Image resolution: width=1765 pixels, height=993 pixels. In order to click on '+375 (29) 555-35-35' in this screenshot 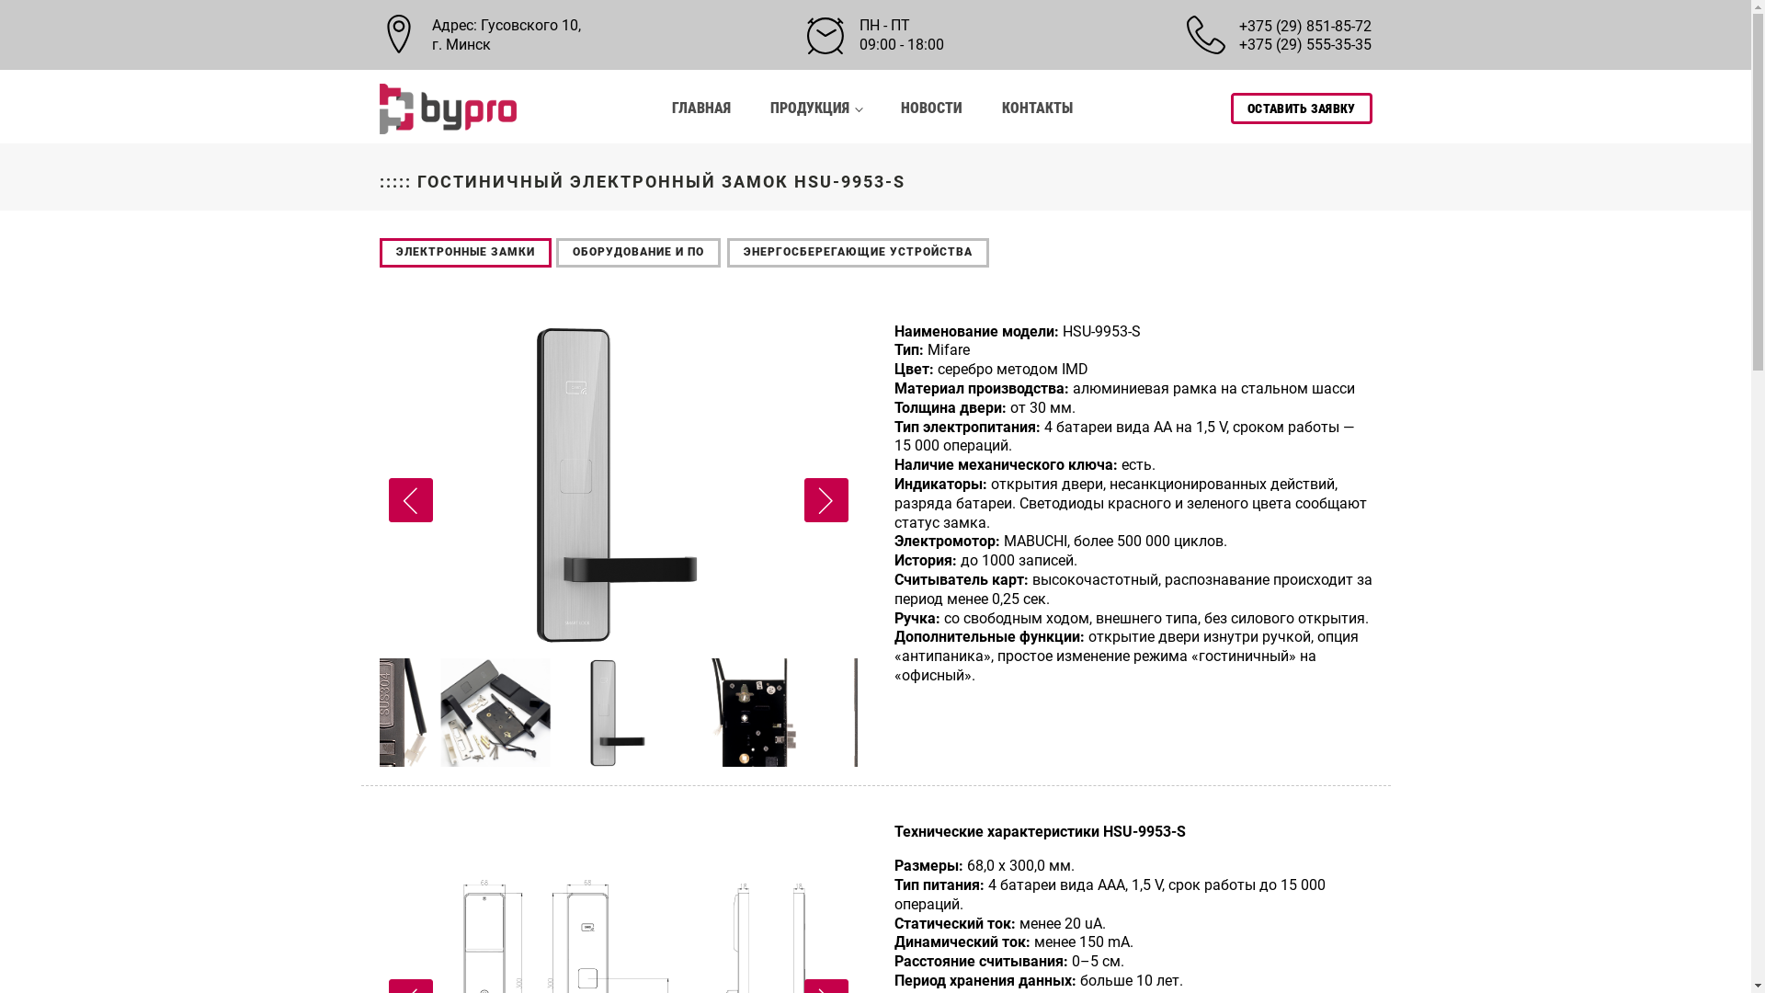, I will do `click(1304, 43)`.